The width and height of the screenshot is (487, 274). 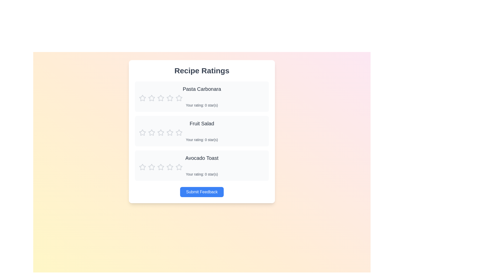 I want to click on the blue rectangular button with rounded edges labeled 'Submit Feedback' located at the bottom of the central feedback panel, so click(x=202, y=192).